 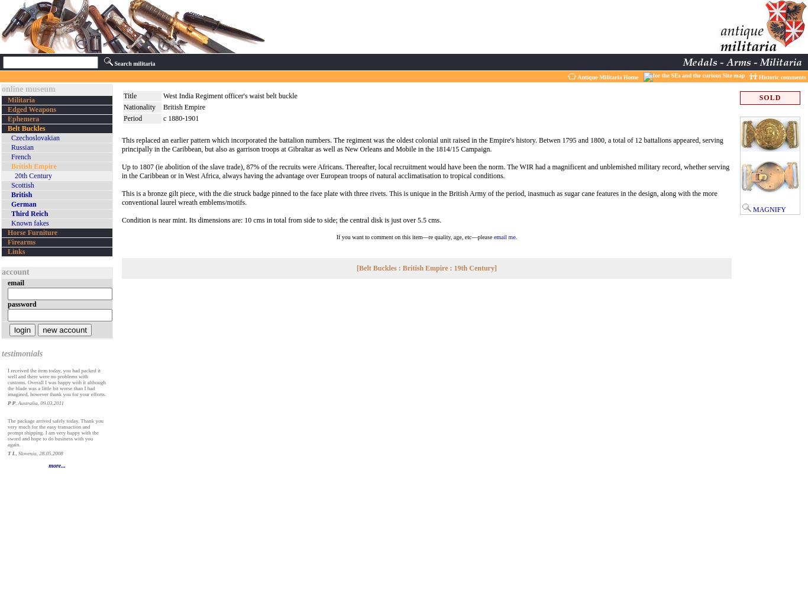 What do you see at coordinates (732, 75) in the screenshot?
I see `'Site map'` at bounding box center [732, 75].